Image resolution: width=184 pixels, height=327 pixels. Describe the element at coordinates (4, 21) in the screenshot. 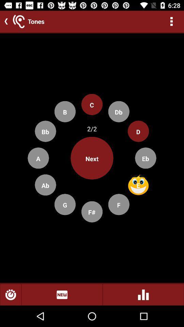

I see `the arrow_backward icon` at that location.